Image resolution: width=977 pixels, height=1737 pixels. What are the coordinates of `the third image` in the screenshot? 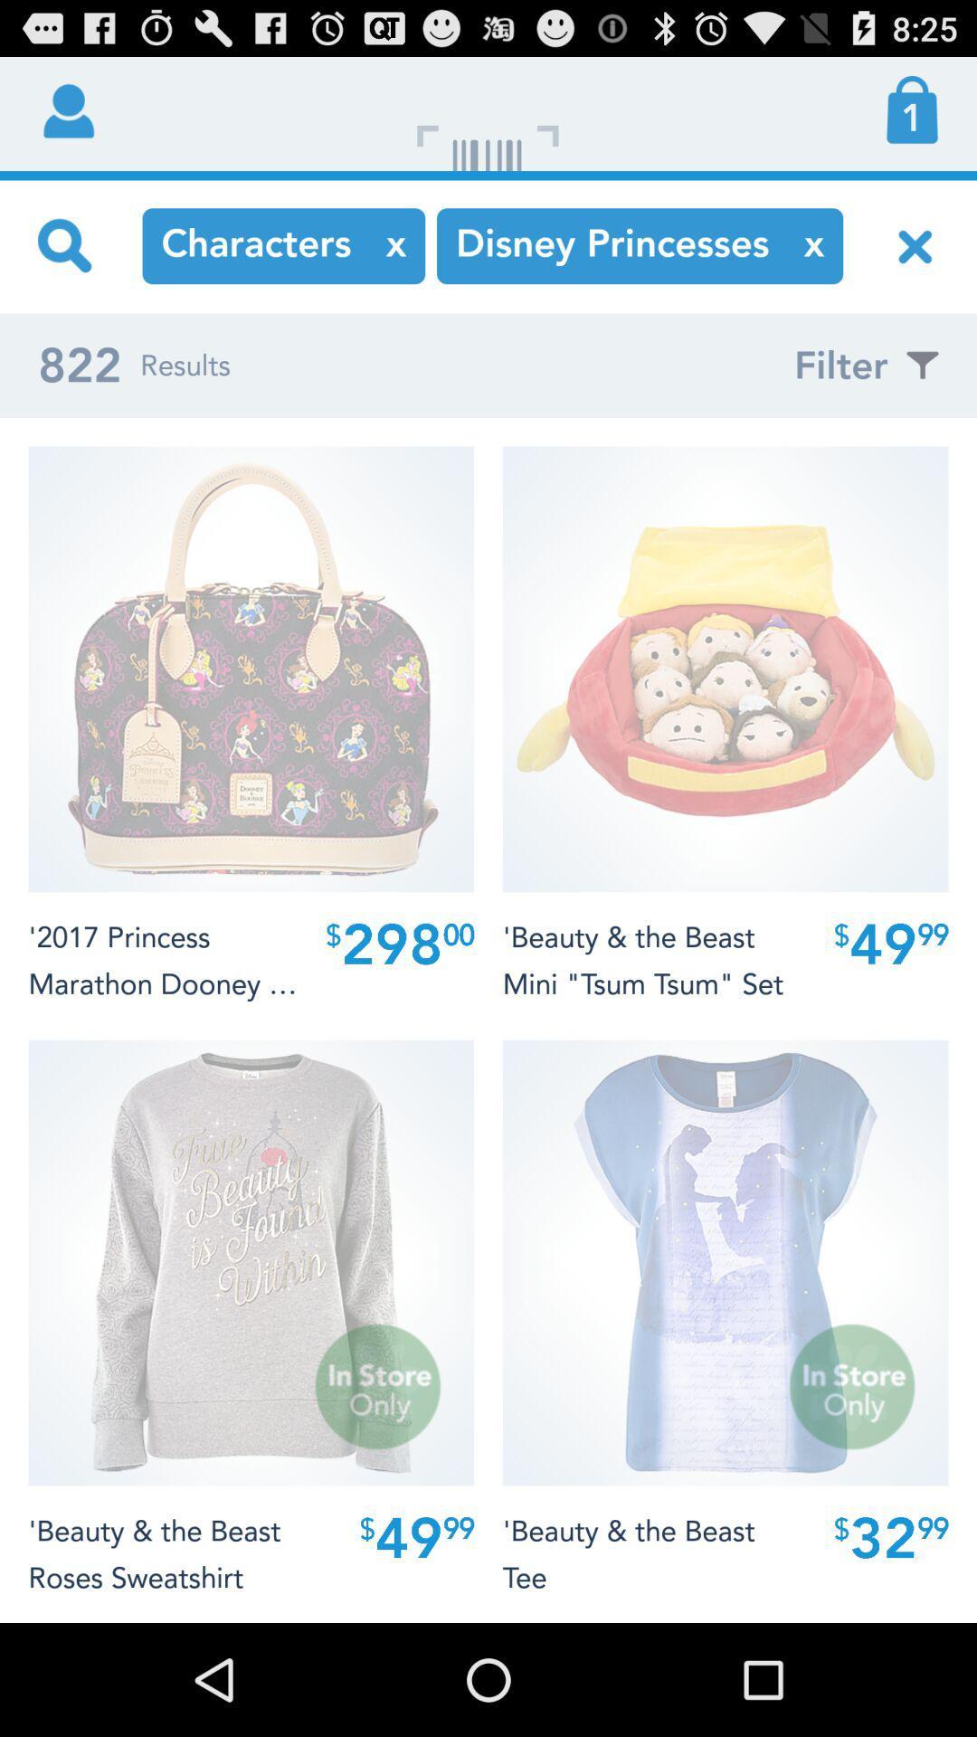 It's located at (251, 1262).